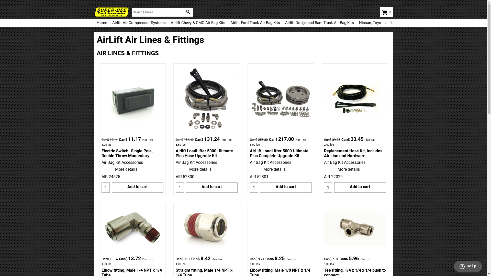 This screenshot has height=276, width=491. What do you see at coordinates (255, 22) in the screenshot?
I see `'Airlift Ford Truck Air Bag Kits'` at bounding box center [255, 22].